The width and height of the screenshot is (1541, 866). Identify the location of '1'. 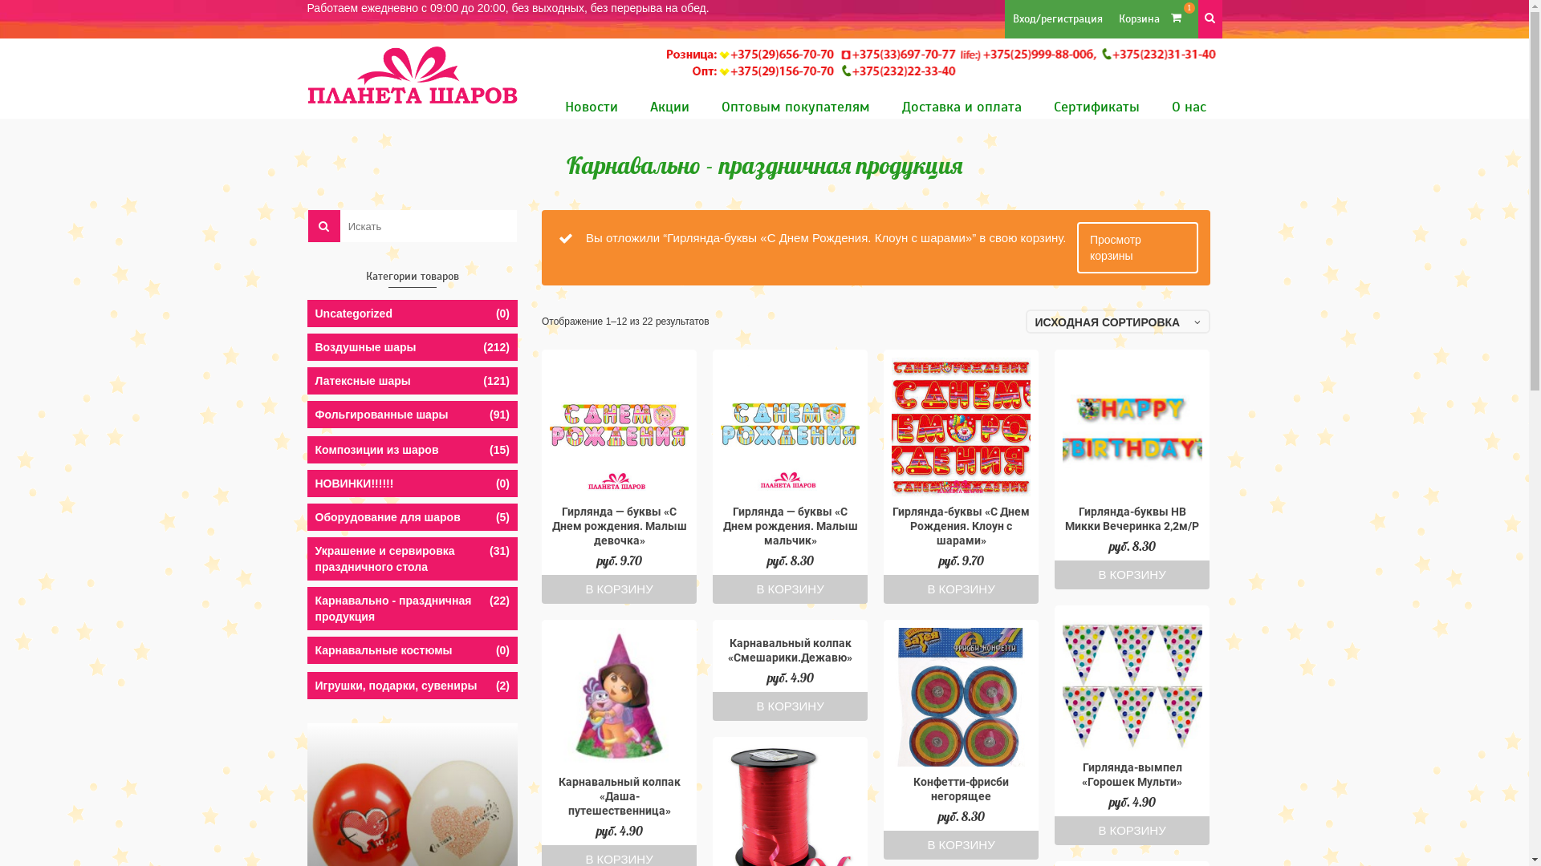
(1167, 18).